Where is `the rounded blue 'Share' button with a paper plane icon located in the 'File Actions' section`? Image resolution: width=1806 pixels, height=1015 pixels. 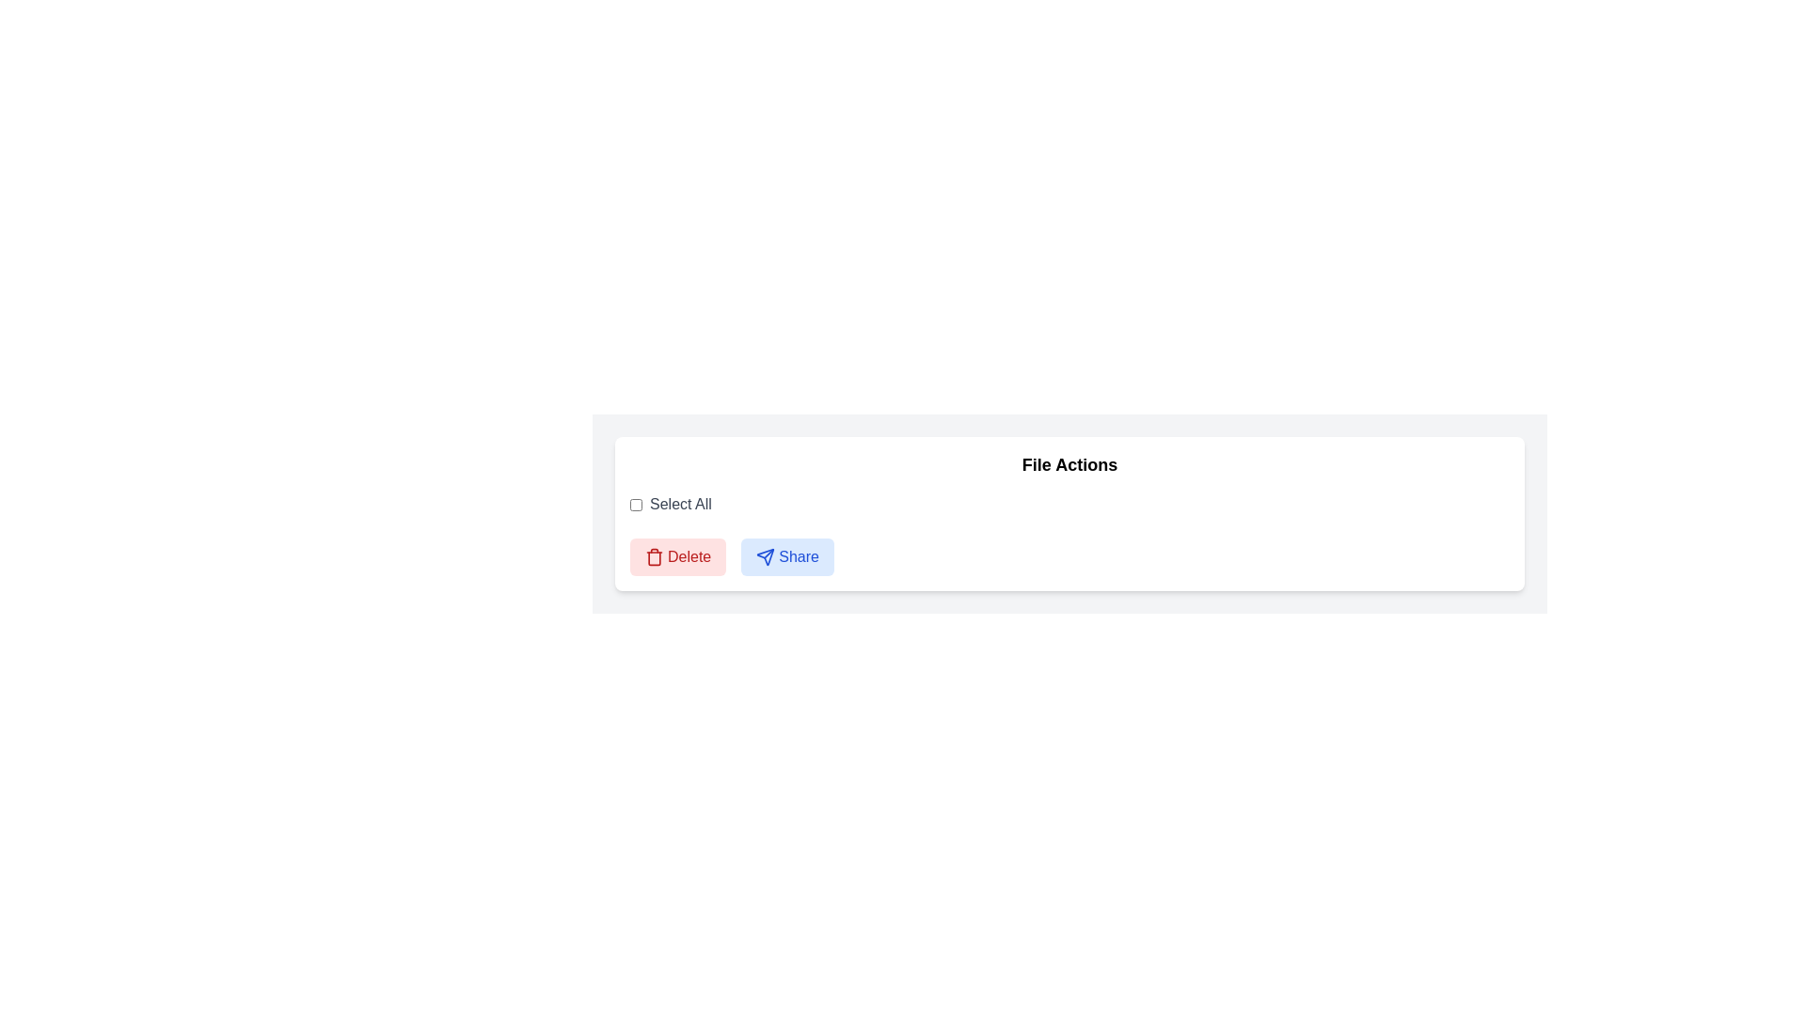 the rounded blue 'Share' button with a paper plane icon located in the 'File Actions' section is located at coordinates (787, 556).